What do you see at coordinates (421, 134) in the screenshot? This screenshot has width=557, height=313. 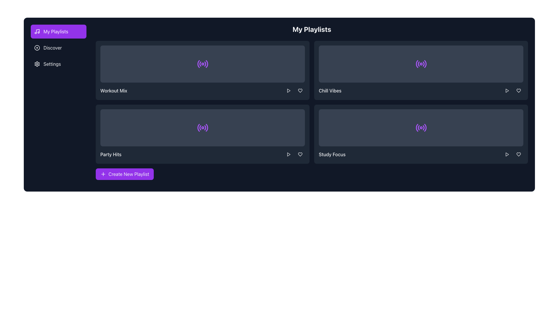 I see `the playlist card located` at bounding box center [421, 134].